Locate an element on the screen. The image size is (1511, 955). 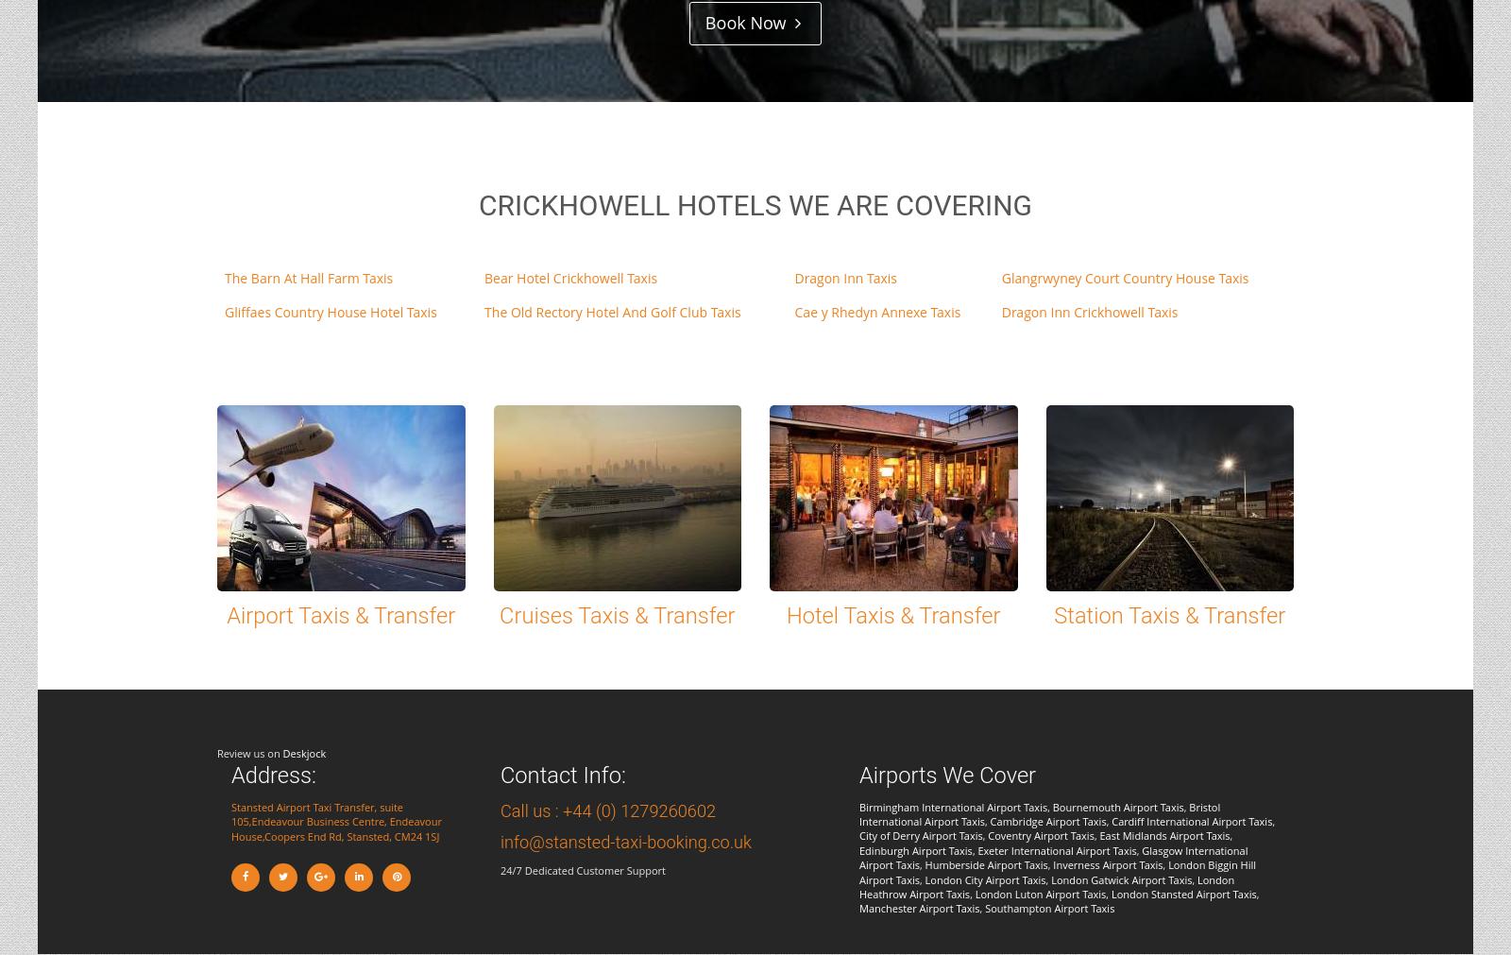
'Birmingham International Airport Taxis' is located at coordinates (953, 806).